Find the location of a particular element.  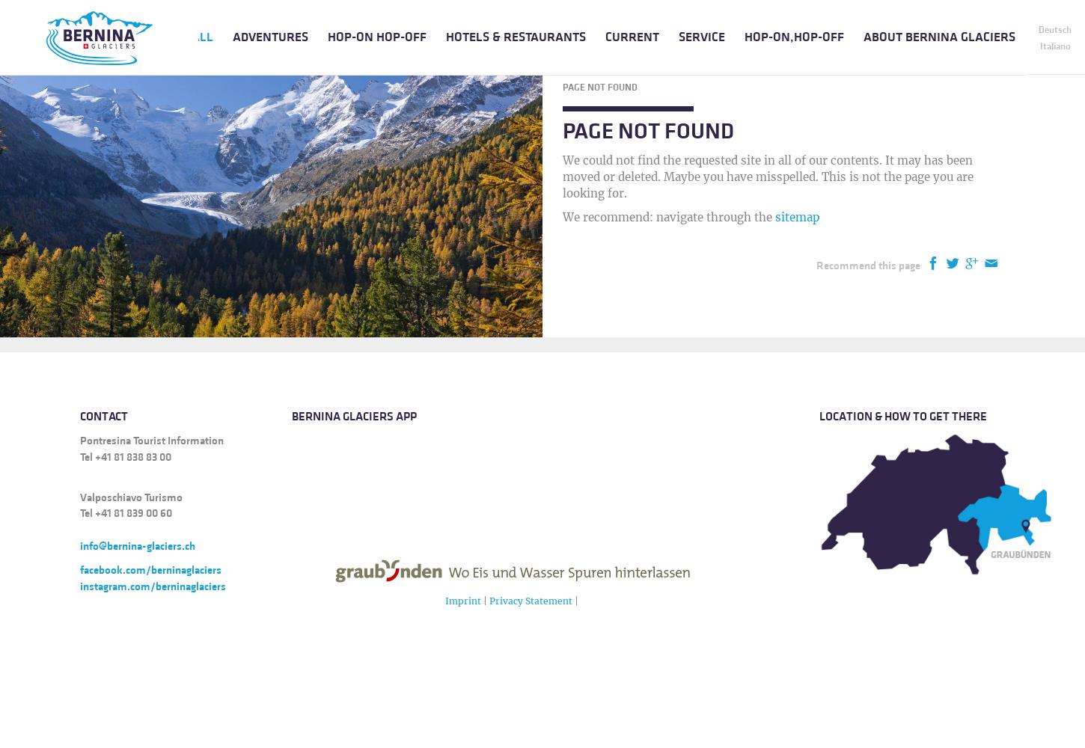

'Tel +41 81 838 83 00' is located at coordinates (125, 456).